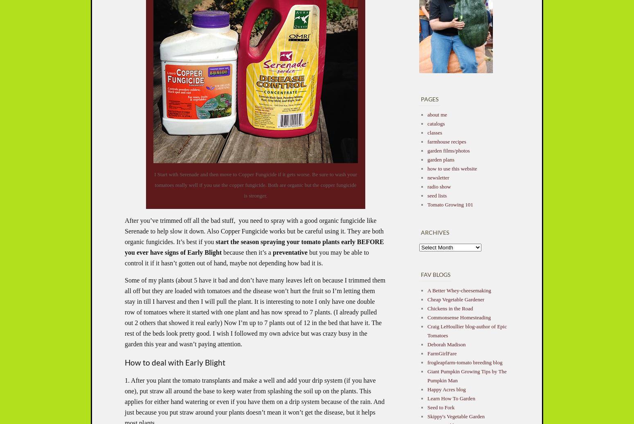  Describe the element at coordinates (450, 308) in the screenshot. I see `'Chickens in the Road'` at that location.